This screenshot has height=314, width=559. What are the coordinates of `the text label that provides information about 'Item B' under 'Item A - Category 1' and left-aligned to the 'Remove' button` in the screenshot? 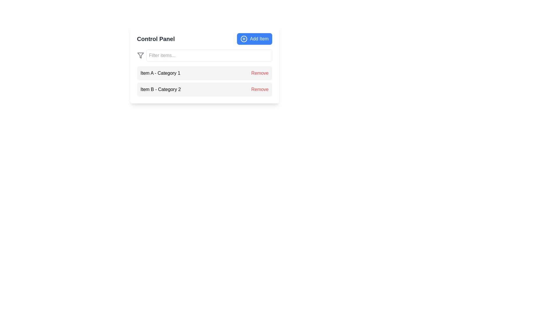 It's located at (160, 90).